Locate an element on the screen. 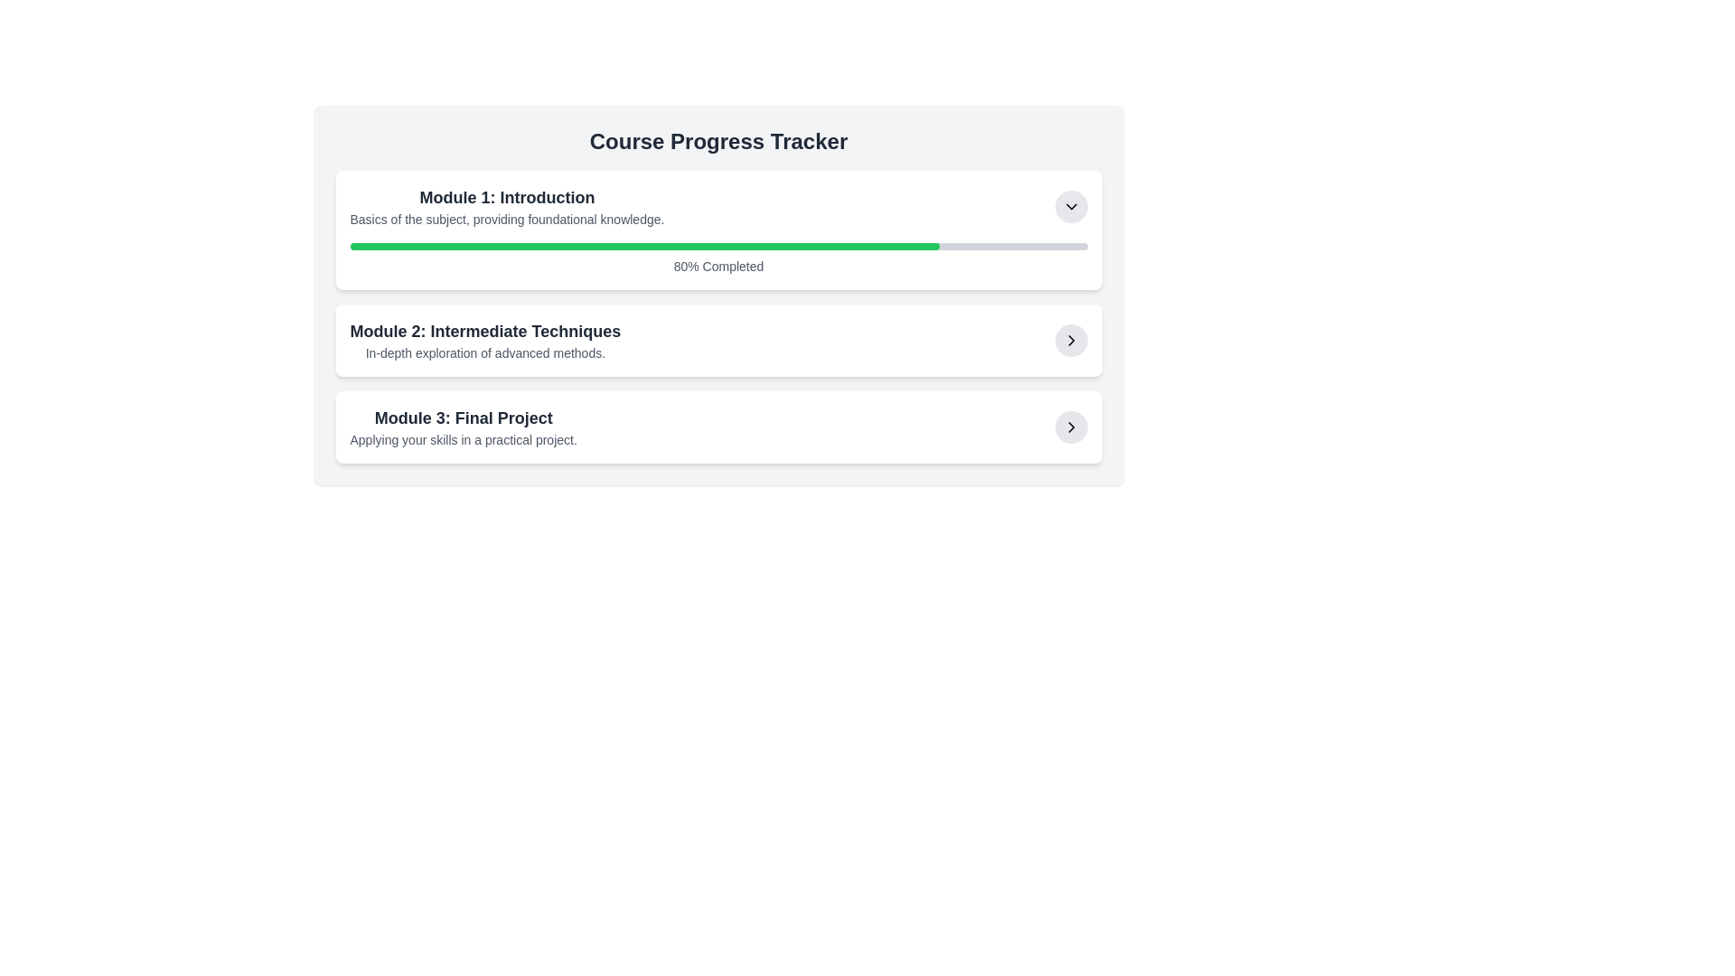  text block titled 'Module 2: Intermediate Techniques,' which contains information about advanced methods, located in the center column of the interface is located at coordinates (485, 341).